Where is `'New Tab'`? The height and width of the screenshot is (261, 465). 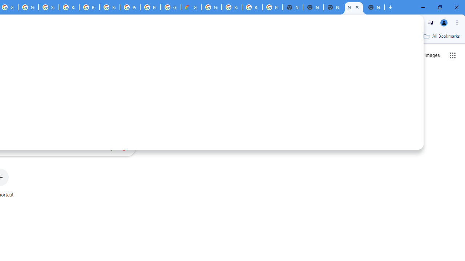
'New Tab' is located at coordinates (374, 7).